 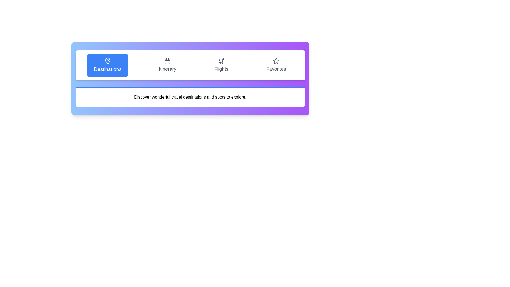 I want to click on the Flights tab to observe visual feedback, so click(x=221, y=65).